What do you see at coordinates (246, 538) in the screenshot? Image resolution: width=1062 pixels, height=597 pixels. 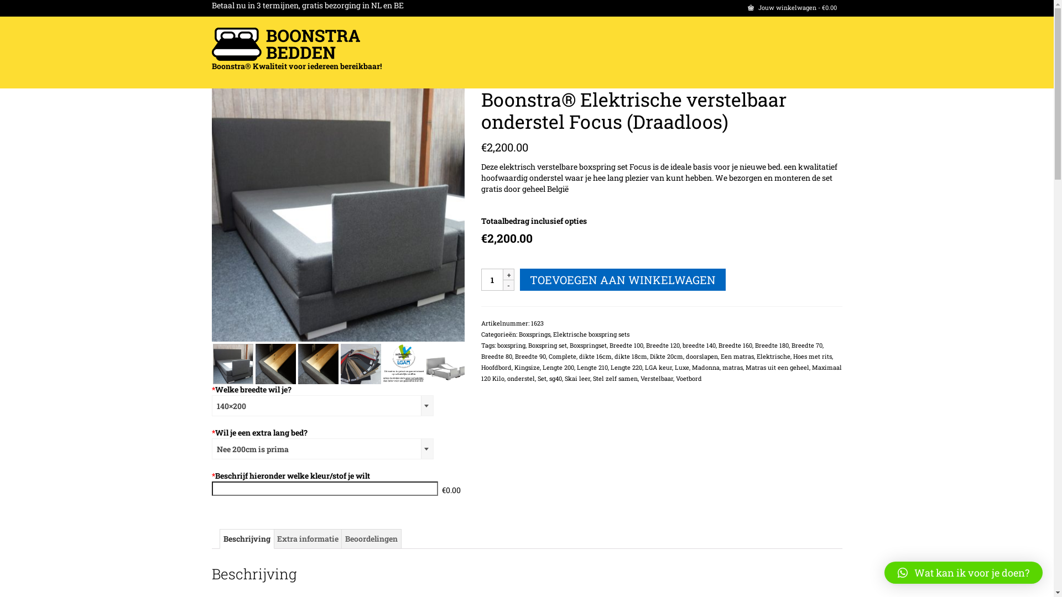 I see `'Beschrijving'` at bounding box center [246, 538].